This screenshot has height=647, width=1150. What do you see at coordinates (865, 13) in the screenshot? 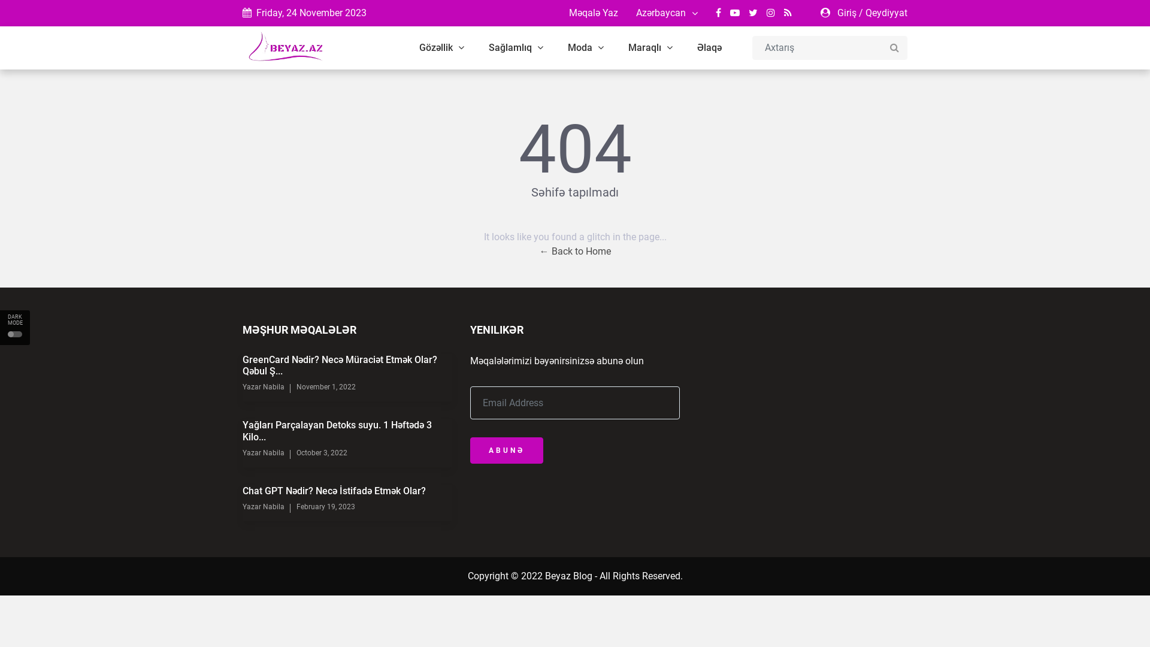
I see `'Qeydiyyat'` at bounding box center [865, 13].